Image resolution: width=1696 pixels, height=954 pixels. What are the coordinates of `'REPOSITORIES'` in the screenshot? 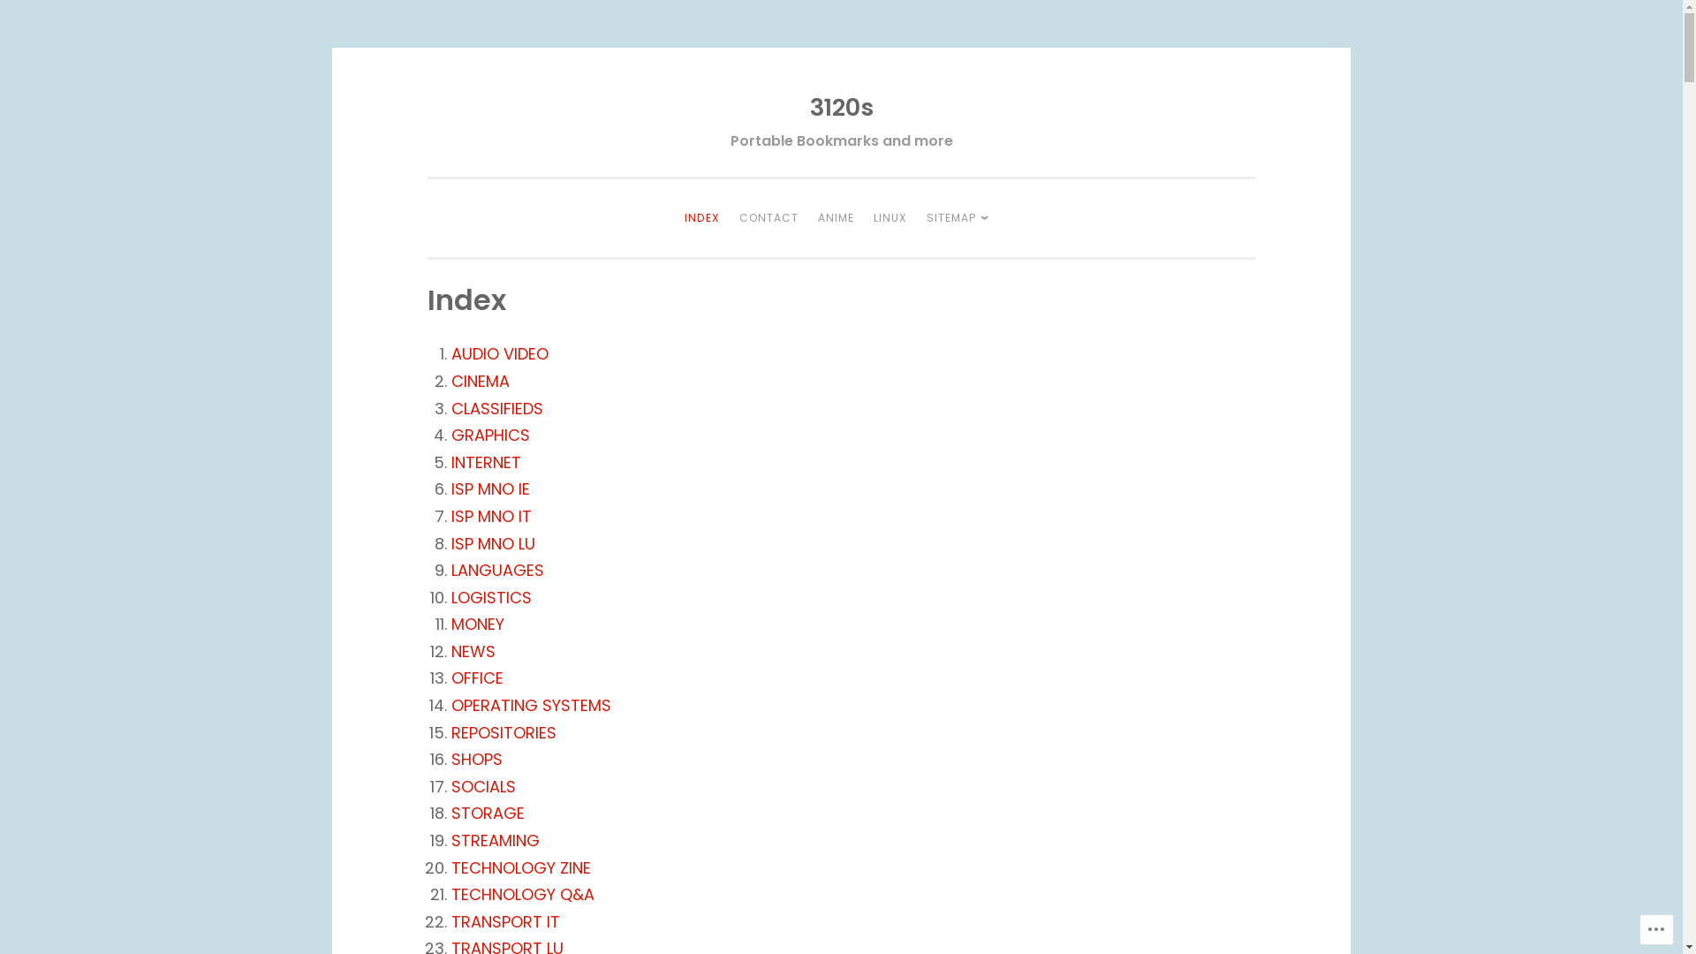 It's located at (503, 732).